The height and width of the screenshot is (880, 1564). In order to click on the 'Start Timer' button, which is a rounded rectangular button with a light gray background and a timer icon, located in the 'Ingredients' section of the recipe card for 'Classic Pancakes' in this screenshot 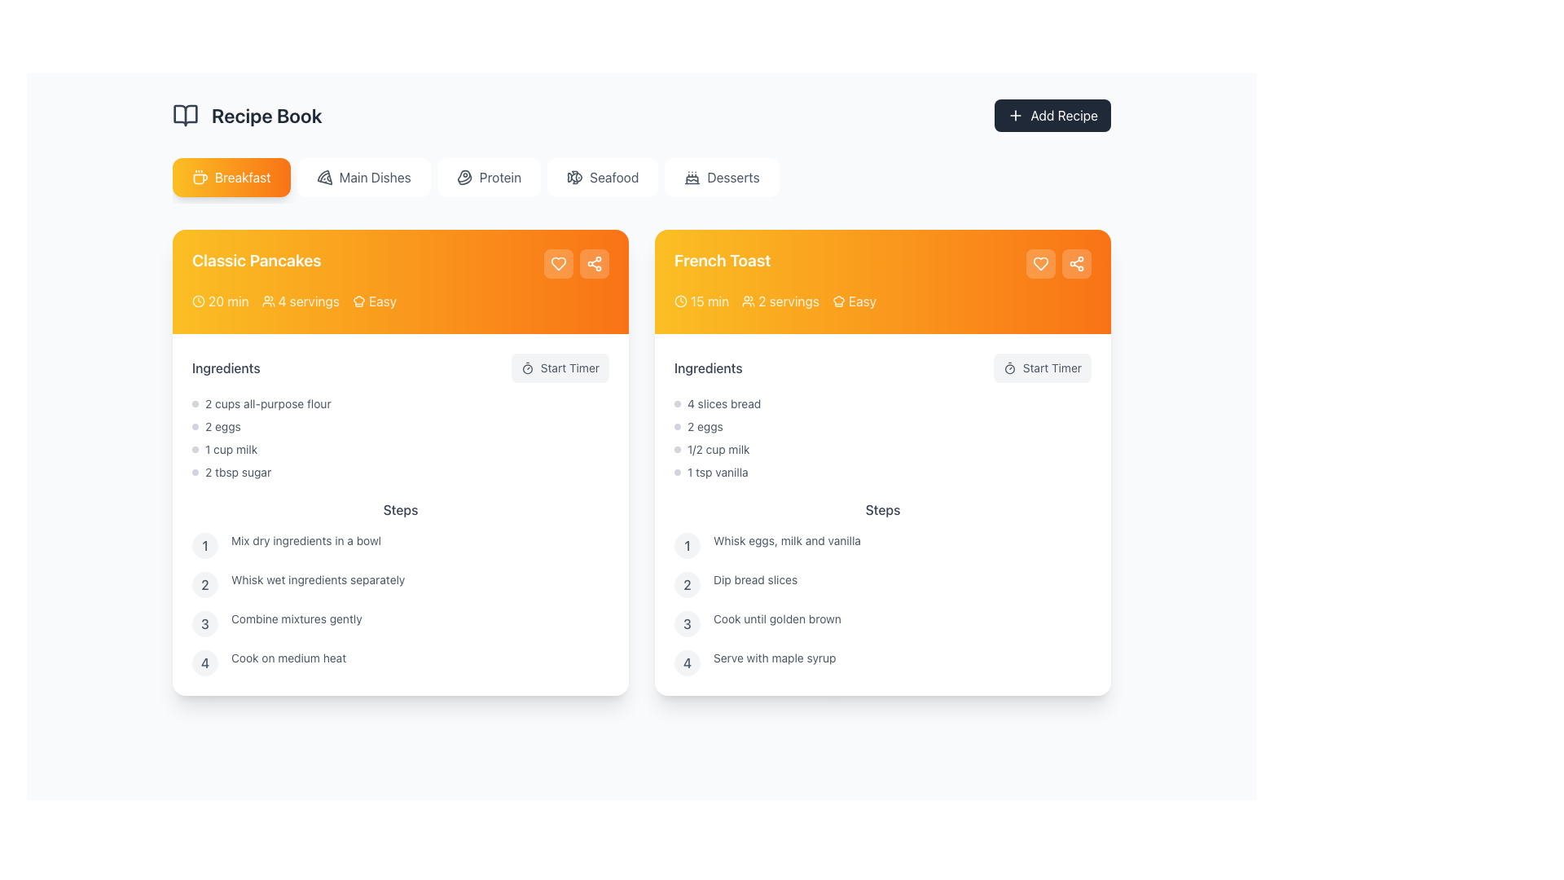, I will do `click(560, 367)`.